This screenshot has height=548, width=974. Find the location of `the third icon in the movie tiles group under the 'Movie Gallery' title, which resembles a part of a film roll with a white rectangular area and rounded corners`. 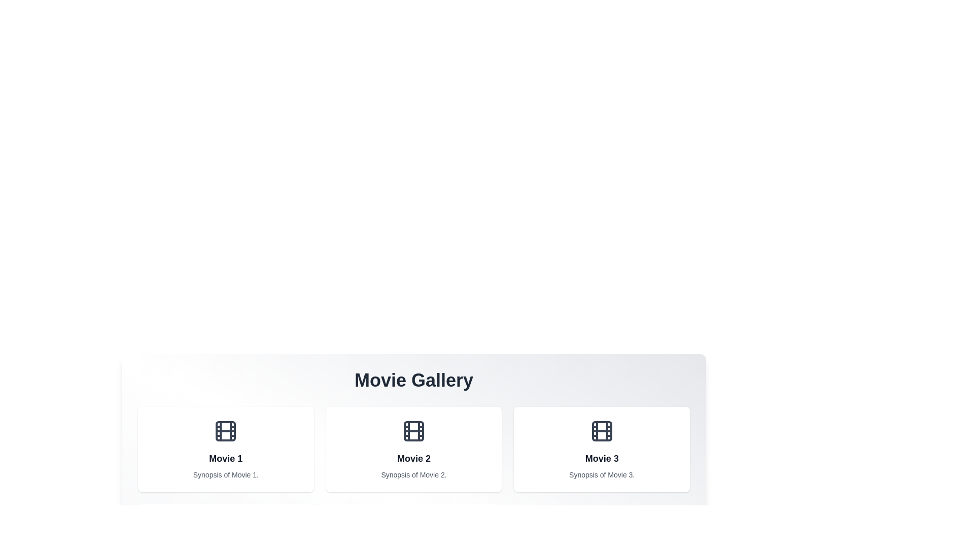

the third icon in the movie tiles group under the 'Movie Gallery' title, which resembles a part of a film roll with a white rectangular area and rounded corners is located at coordinates (602, 431).